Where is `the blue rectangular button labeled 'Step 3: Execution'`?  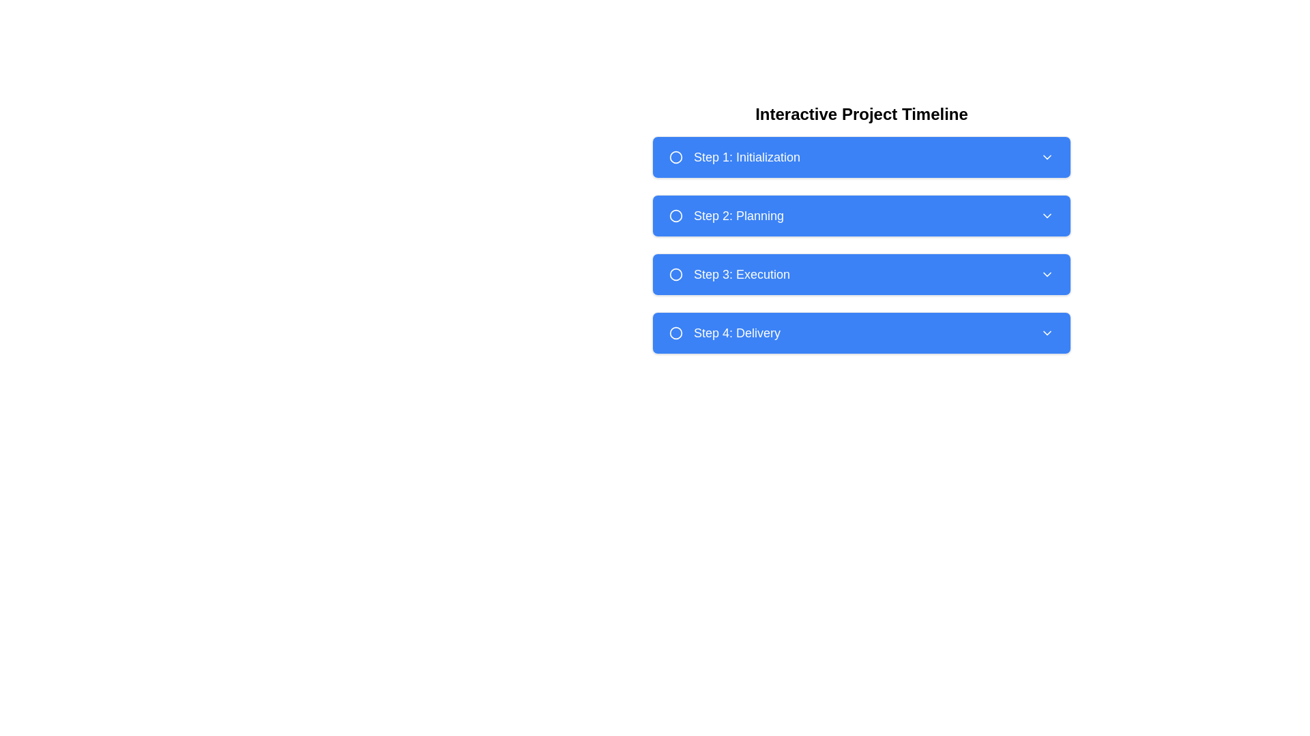 the blue rectangular button labeled 'Step 3: Execution' is located at coordinates (860, 274).